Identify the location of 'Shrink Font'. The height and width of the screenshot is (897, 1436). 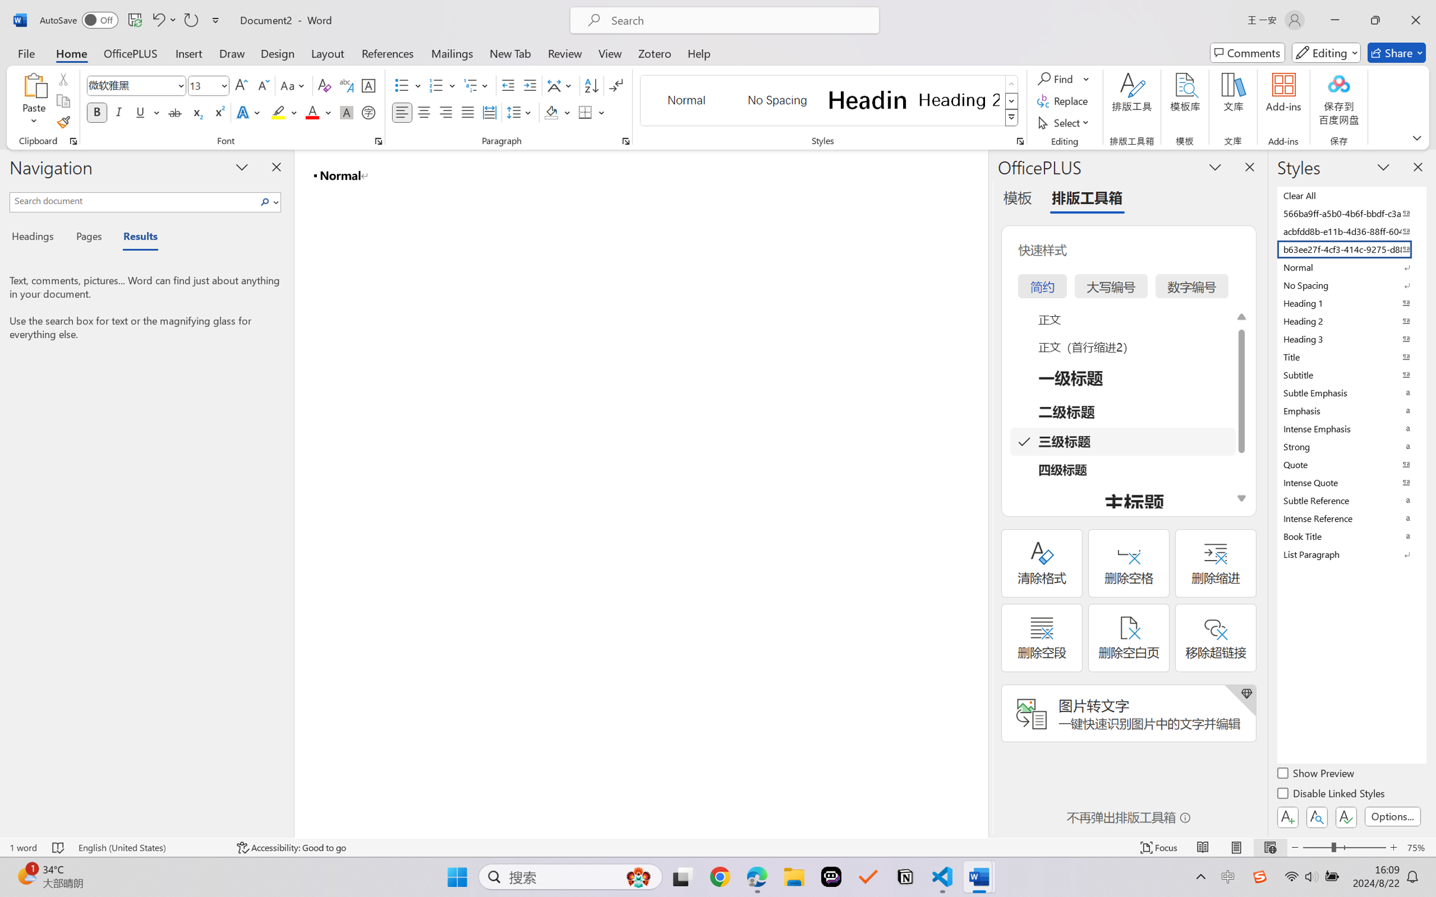
(262, 85).